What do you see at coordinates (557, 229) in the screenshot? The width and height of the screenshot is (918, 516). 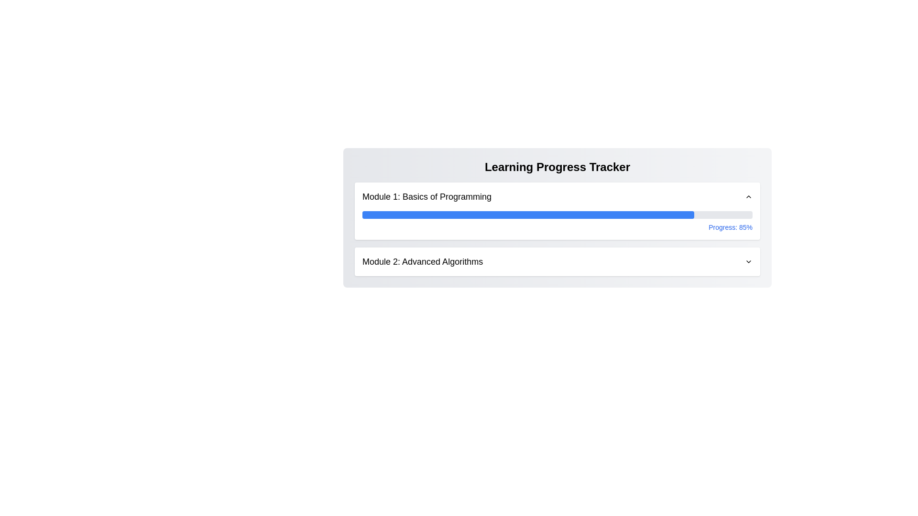 I see `the progress indicator that displays 'Progress: 85%' within the 'Learning Progress Tracker' section for the first module 'Module 1: Basics of Programming'` at bounding box center [557, 229].